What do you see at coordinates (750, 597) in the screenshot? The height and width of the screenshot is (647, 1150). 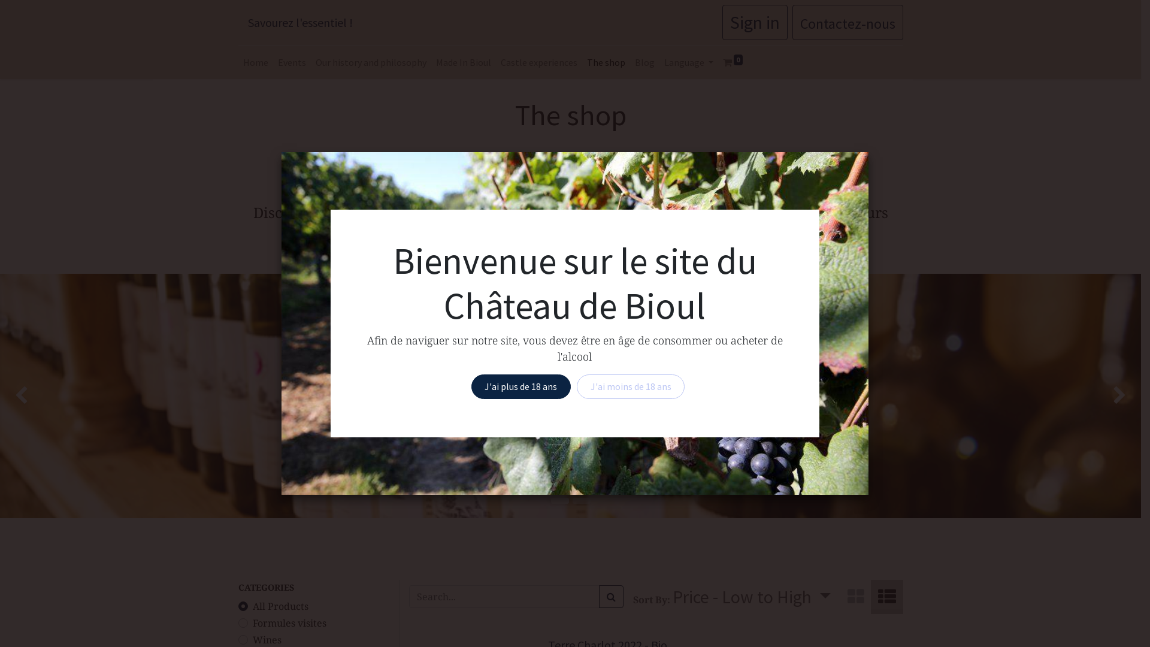 I see `'Price - Low to High'` at bounding box center [750, 597].